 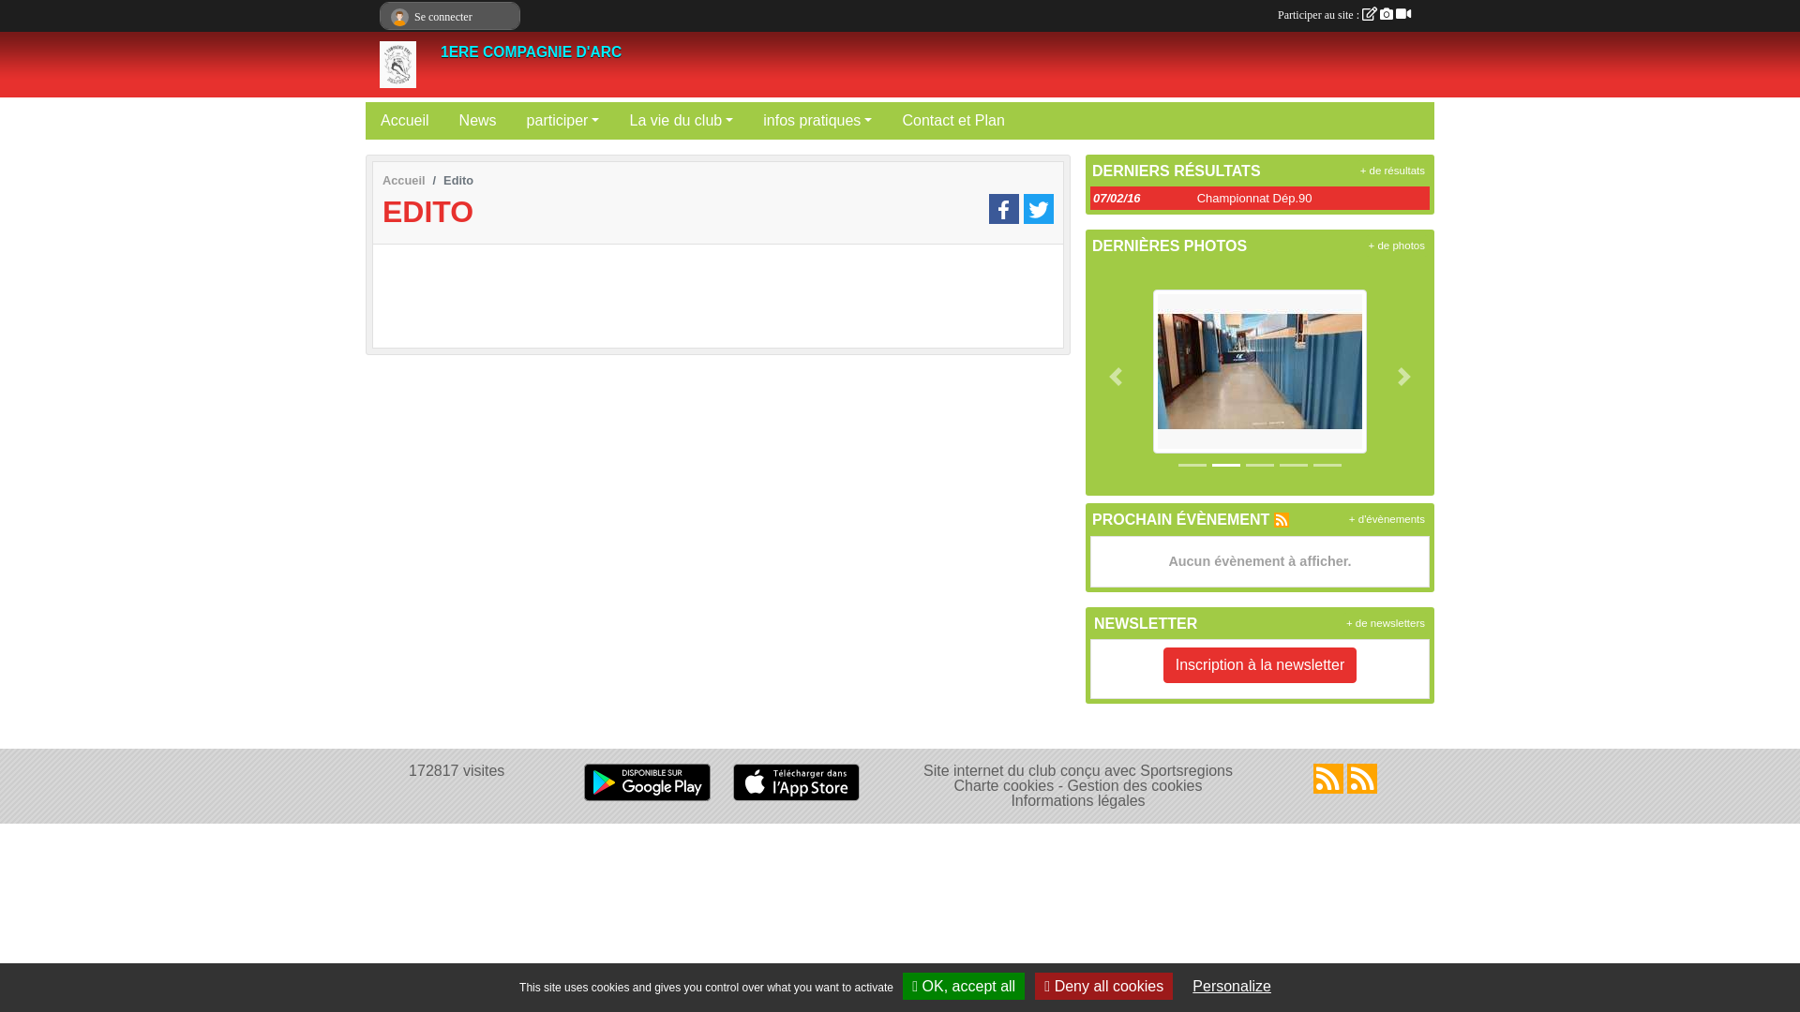 What do you see at coordinates (1038, 209) in the screenshot?
I see `'Twitter'` at bounding box center [1038, 209].